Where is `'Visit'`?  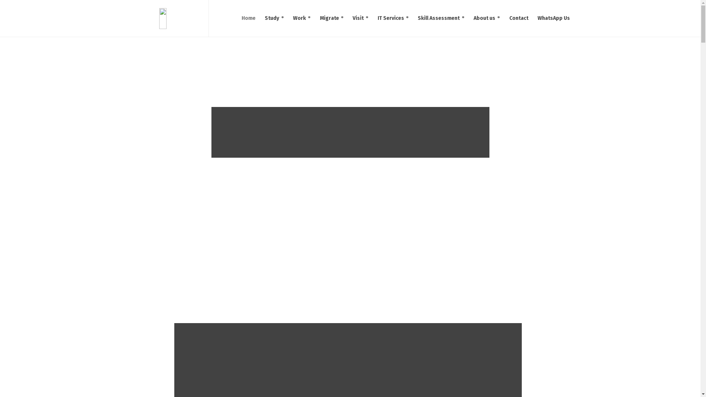 'Visit' is located at coordinates (360, 18).